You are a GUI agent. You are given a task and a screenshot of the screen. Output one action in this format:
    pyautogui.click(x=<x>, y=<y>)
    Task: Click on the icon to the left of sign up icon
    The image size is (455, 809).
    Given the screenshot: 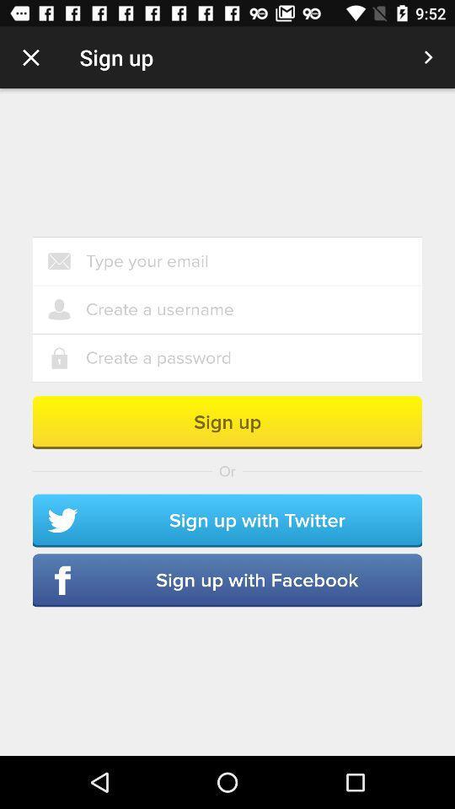 What is the action you would take?
    pyautogui.click(x=30, y=57)
    